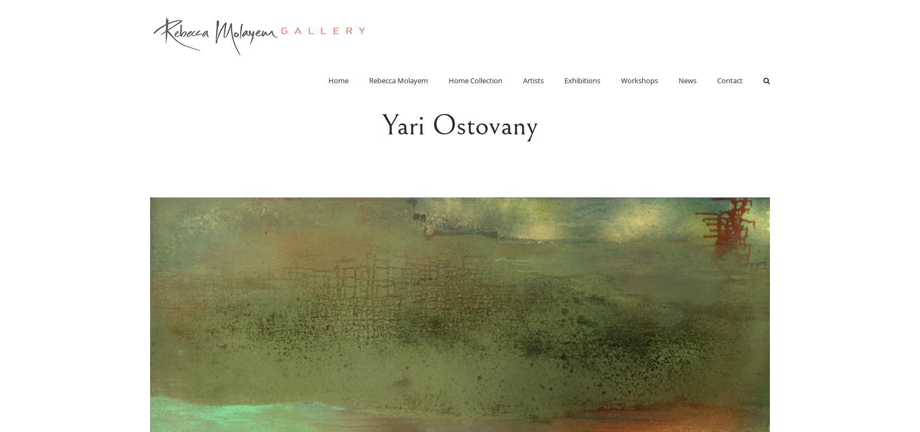 The width and height of the screenshot is (920, 432). I want to click on 'Rebecca Molayem – Sculptures', so click(412, 144).